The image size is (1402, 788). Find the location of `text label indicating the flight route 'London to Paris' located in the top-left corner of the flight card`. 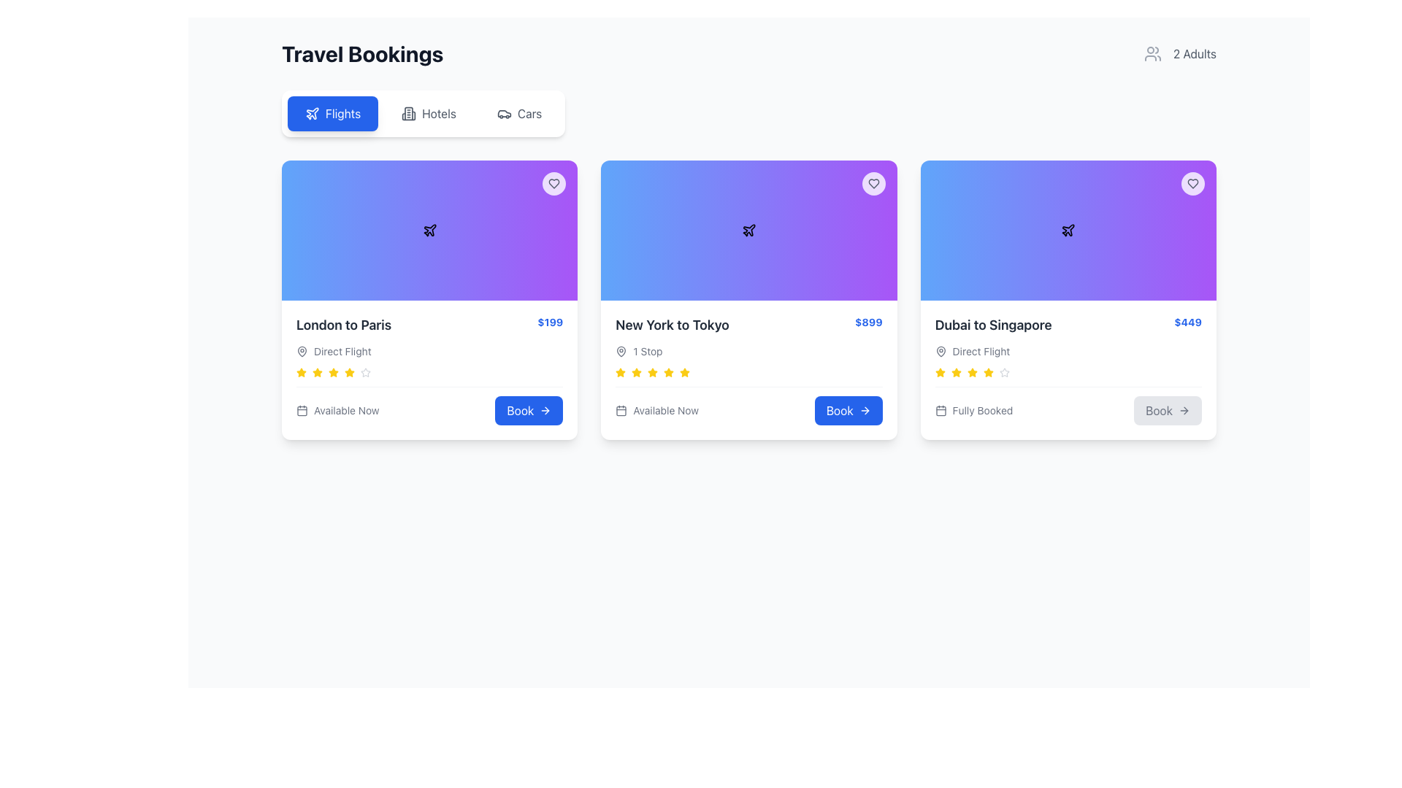

text label indicating the flight route 'London to Paris' located in the top-left corner of the flight card is located at coordinates (343, 325).